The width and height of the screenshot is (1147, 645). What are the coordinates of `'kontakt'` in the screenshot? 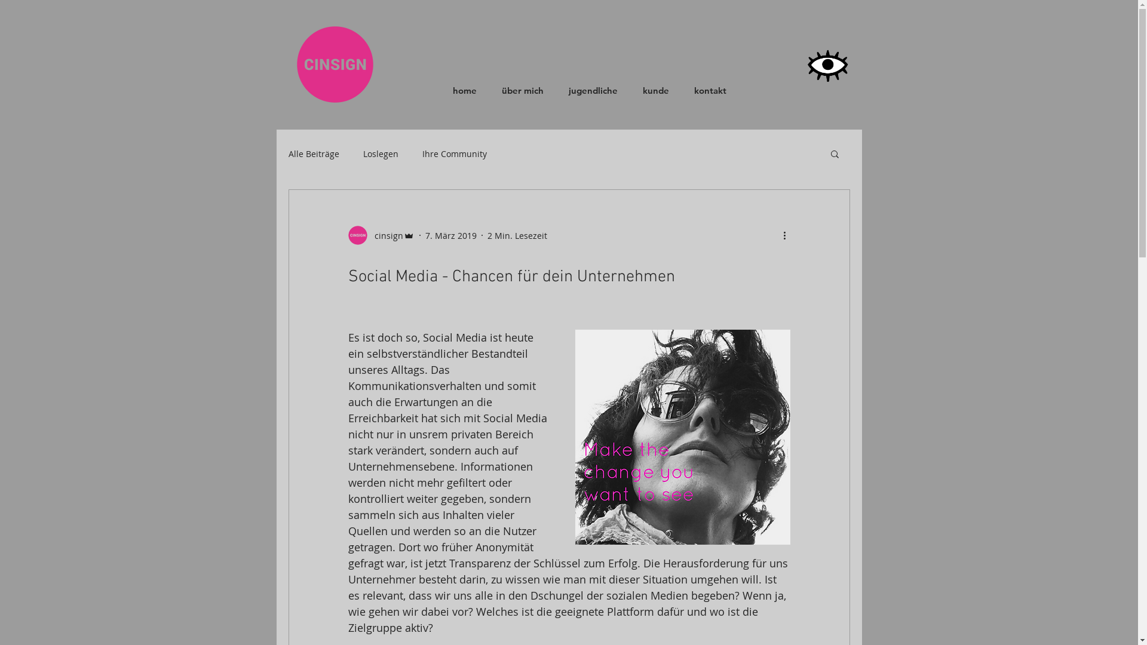 It's located at (710, 90).